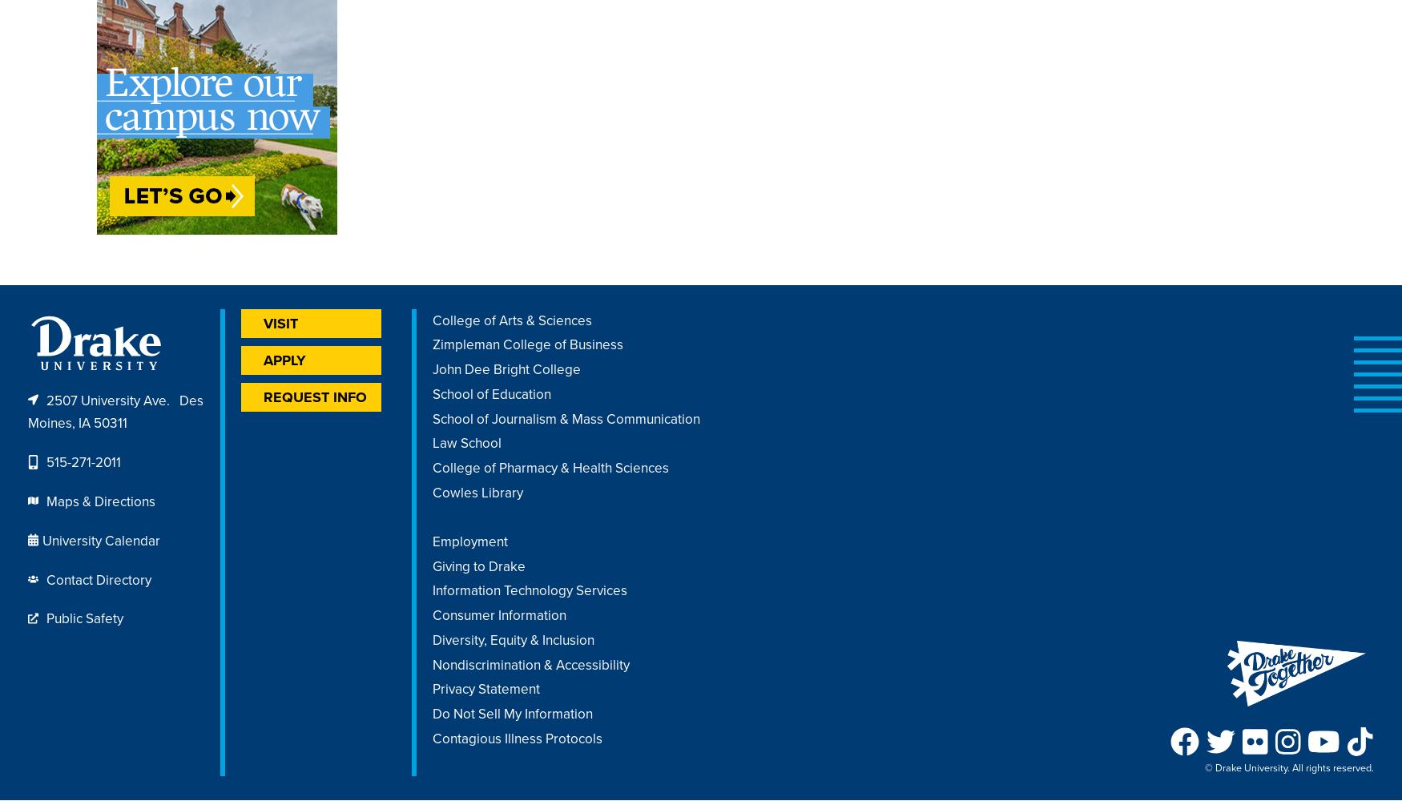  What do you see at coordinates (527, 344) in the screenshot?
I see `'Zimpleman College of Business'` at bounding box center [527, 344].